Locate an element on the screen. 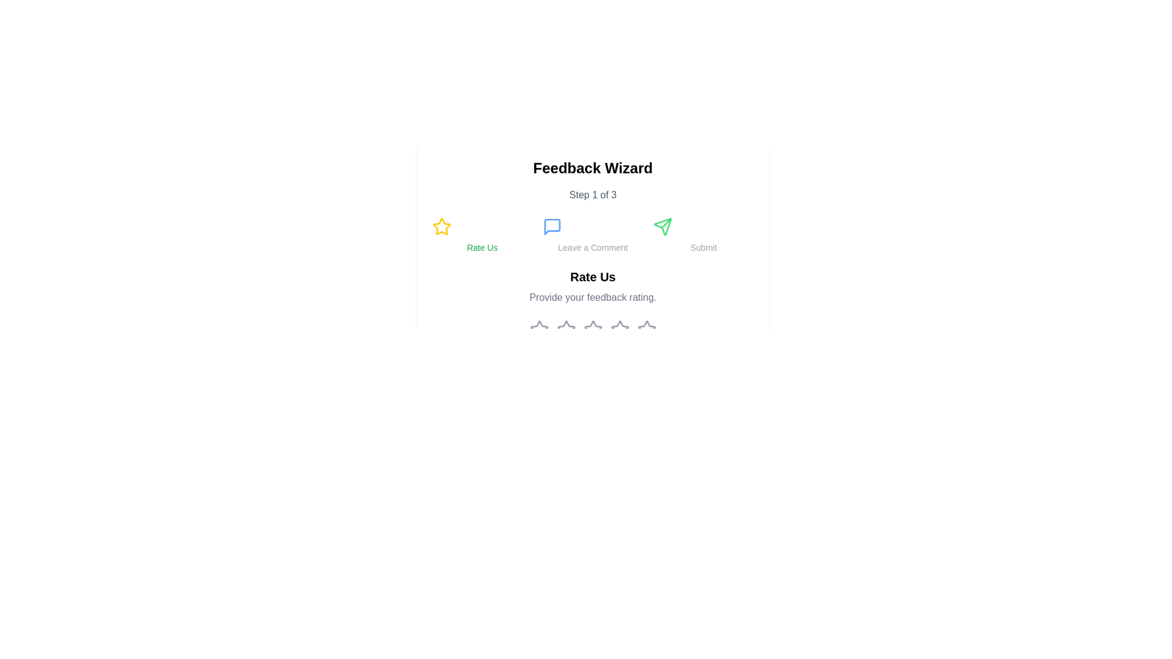 The image size is (1172, 659). the 'Submit' icon located in the upper central part of the interface is located at coordinates (662, 226).